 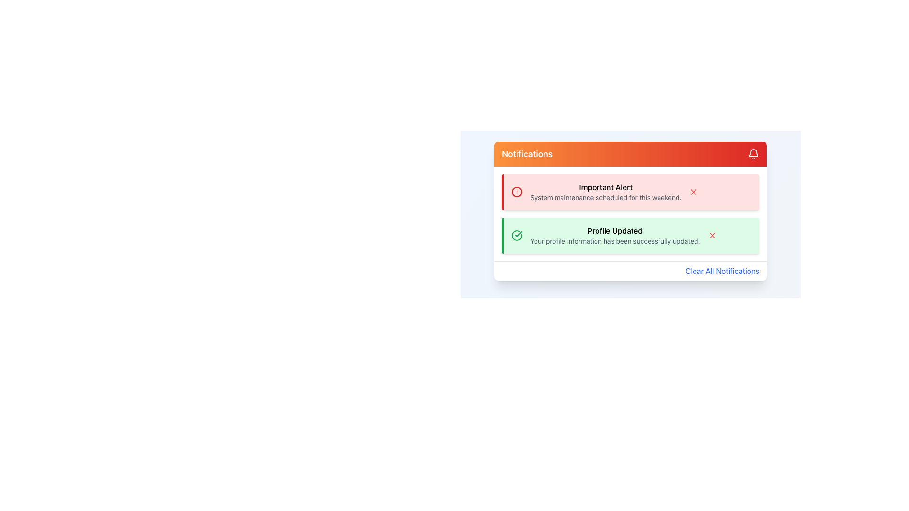 I want to click on the circular boundary of the red alert icon in the 'Important Alert' notification, which serves as a decorative element emphasizing the alert visually, so click(x=516, y=192).